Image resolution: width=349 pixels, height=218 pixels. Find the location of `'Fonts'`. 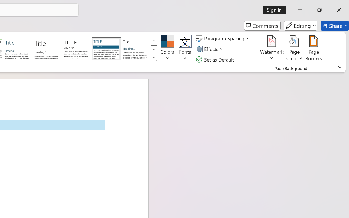

'Fonts' is located at coordinates (185, 49).